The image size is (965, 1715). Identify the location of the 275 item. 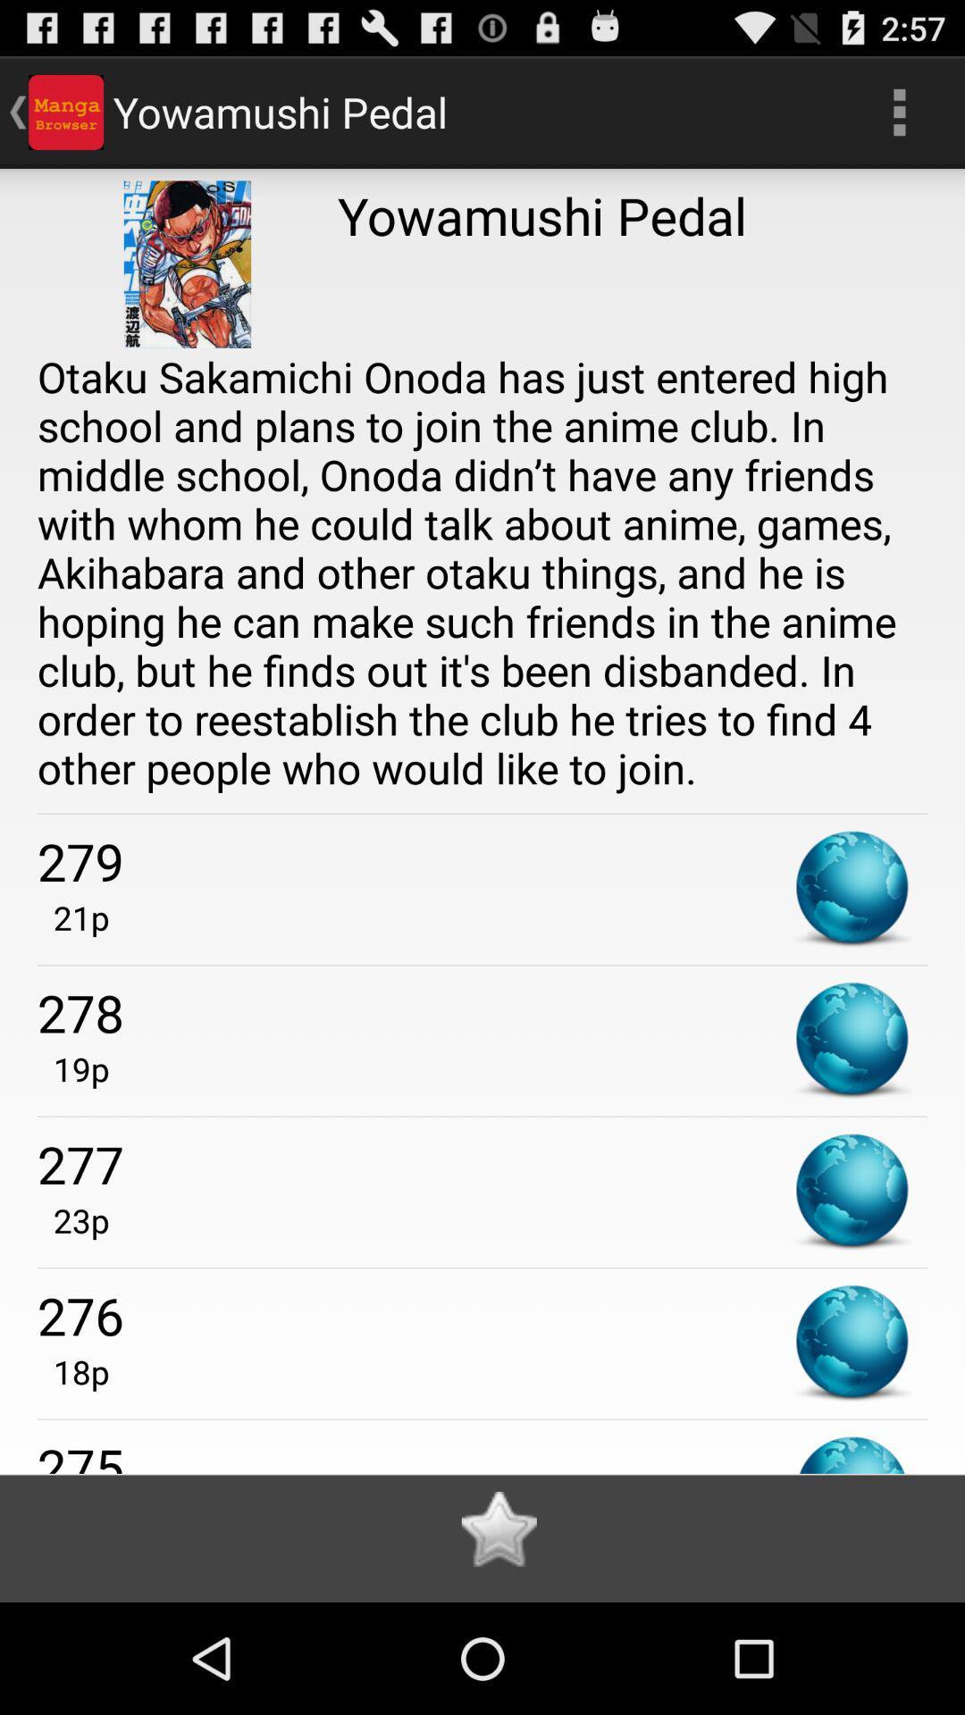
(482, 1452).